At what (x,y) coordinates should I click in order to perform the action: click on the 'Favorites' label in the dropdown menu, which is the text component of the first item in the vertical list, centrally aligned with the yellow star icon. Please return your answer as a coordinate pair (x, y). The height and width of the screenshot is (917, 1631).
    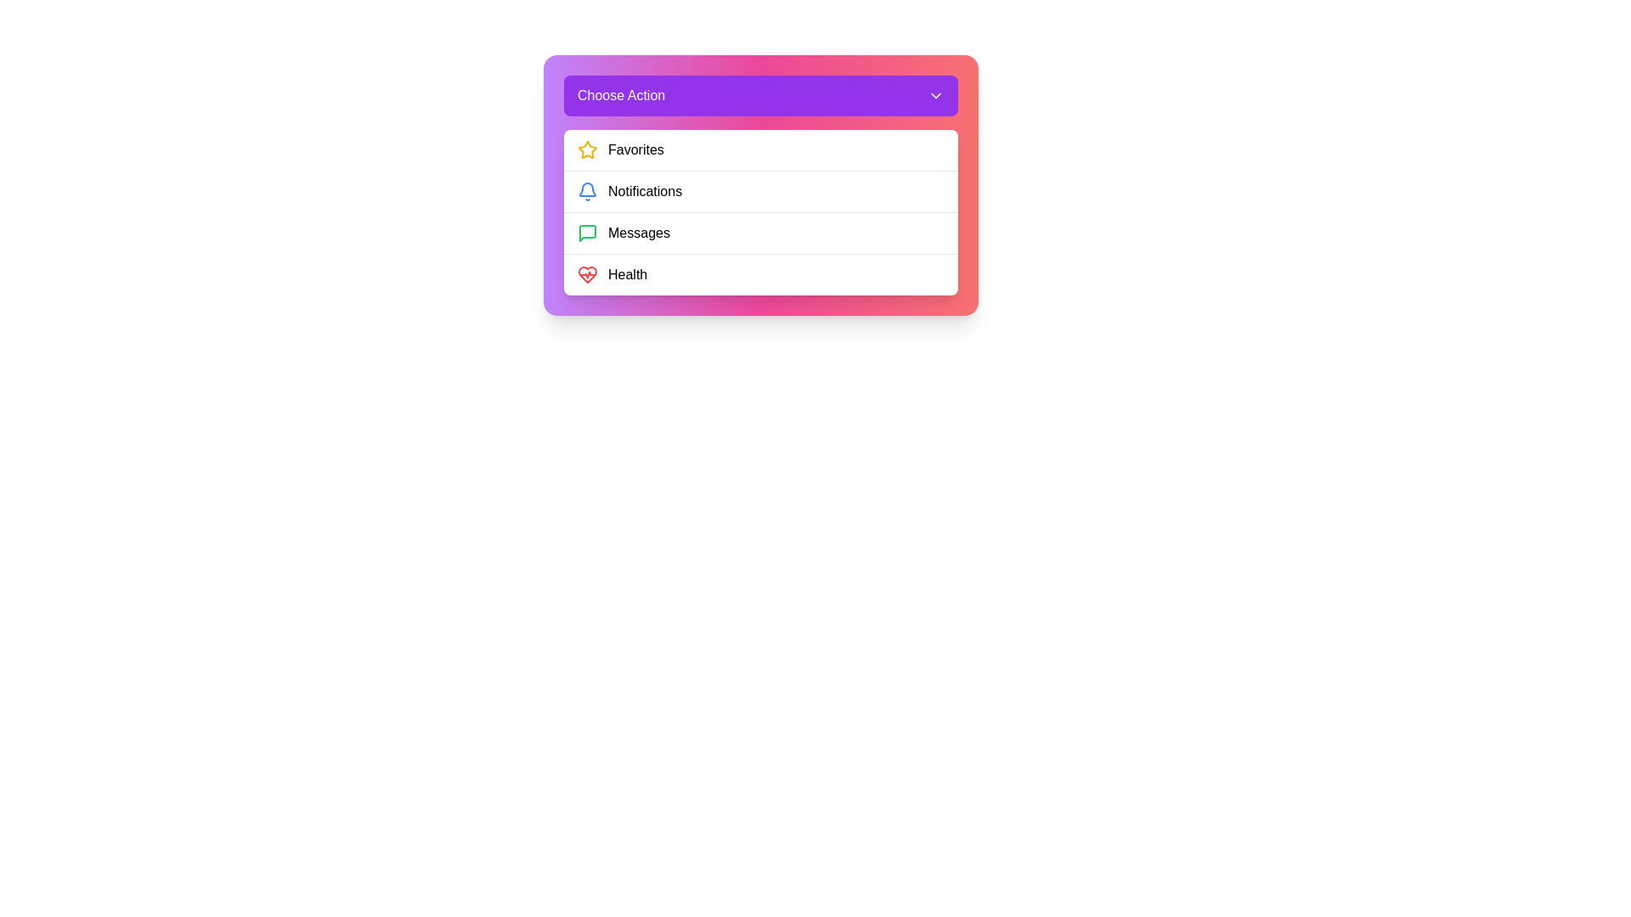
    Looking at the image, I should click on (635, 149).